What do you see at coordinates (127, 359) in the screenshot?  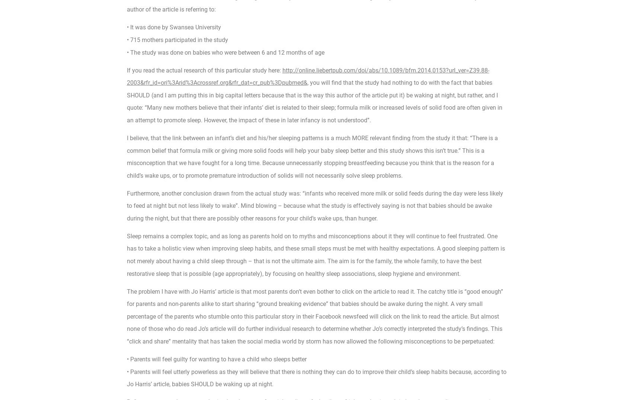 I see `'• Parents will feel guilty for wanting to have a child who sleeps better'` at bounding box center [127, 359].